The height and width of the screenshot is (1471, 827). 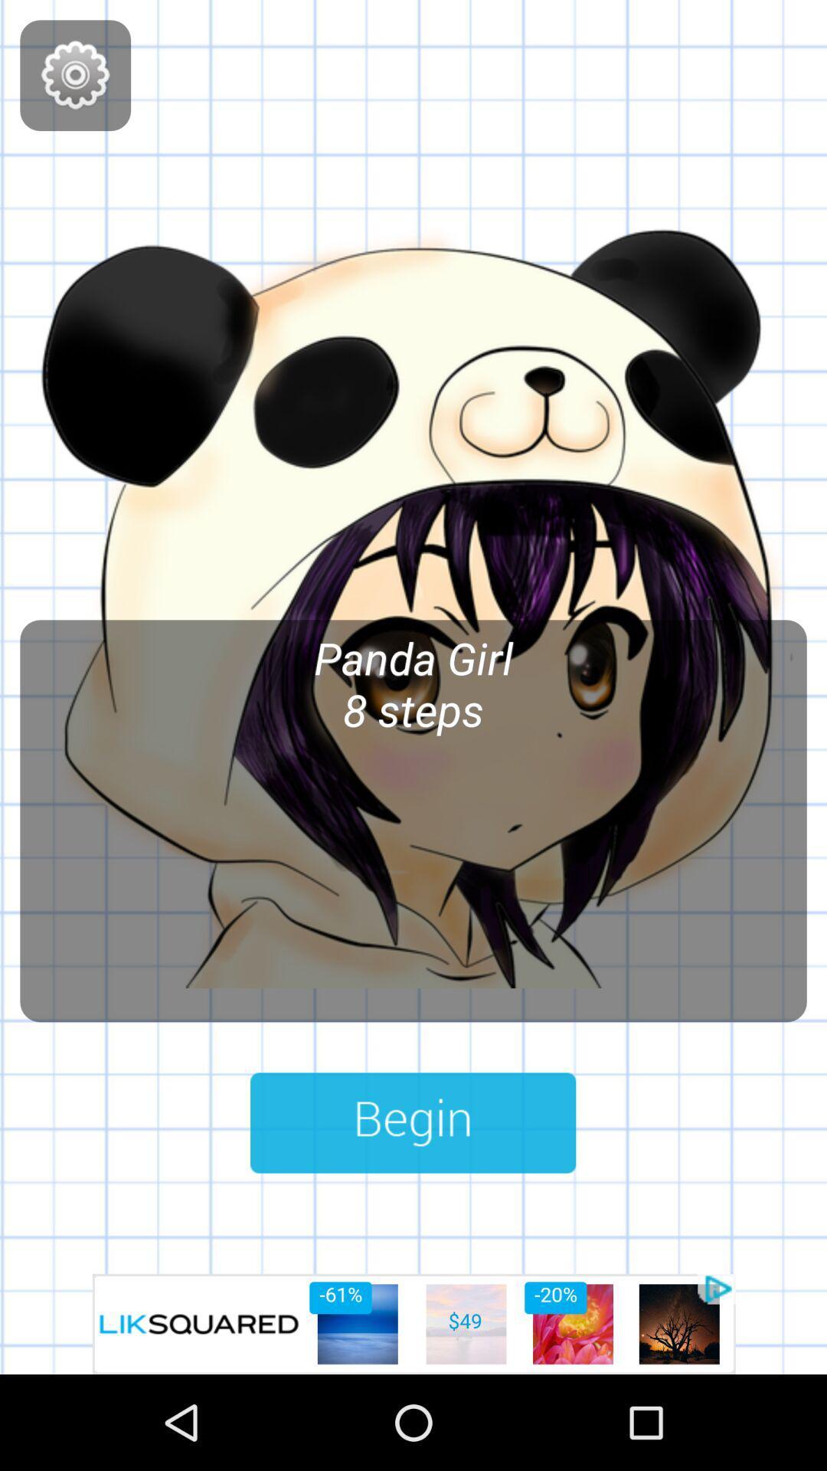 What do you see at coordinates (75, 74) in the screenshot?
I see `setting button` at bounding box center [75, 74].